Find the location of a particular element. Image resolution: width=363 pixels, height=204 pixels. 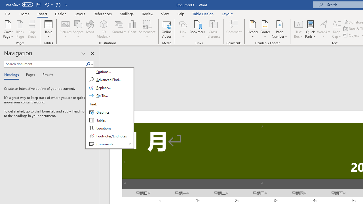

'Pictures' is located at coordinates (66, 29).